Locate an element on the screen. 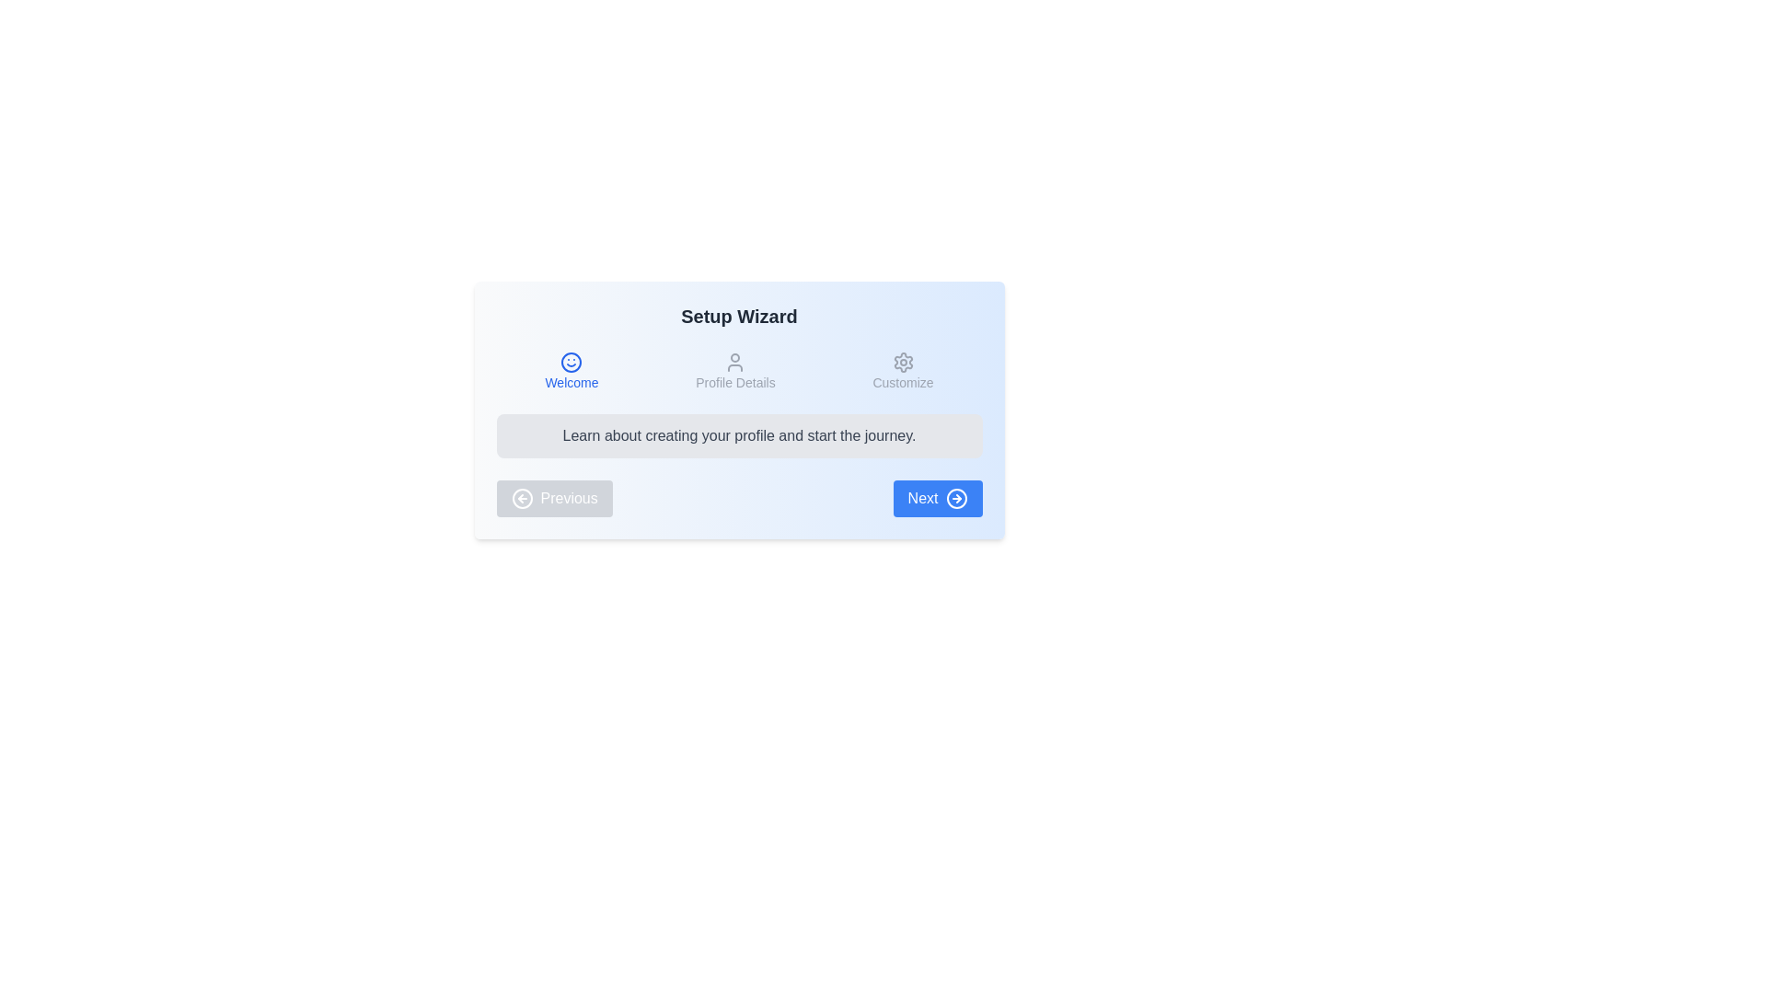 The image size is (1767, 994). the Interactive menu option labeled 'Profile Details', which is the middle component of three horizontally aligned items is located at coordinates (734, 372).